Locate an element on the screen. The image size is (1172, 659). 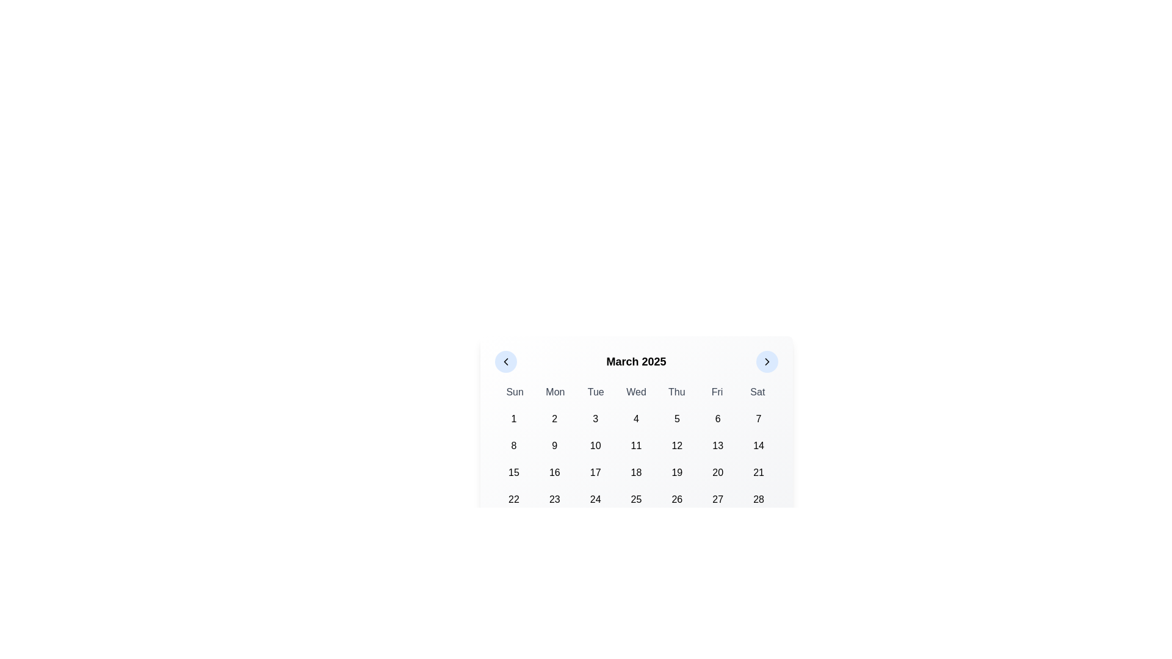
the rectangular button displaying the number '7' in black text on a light gray background is located at coordinates (758, 418).